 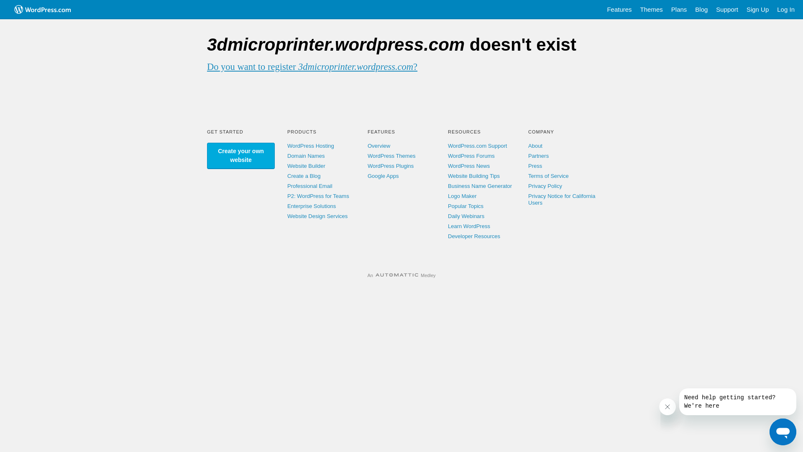 What do you see at coordinates (711, 10) in the screenshot?
I see `'Support'` at bounding box center [711, 10].